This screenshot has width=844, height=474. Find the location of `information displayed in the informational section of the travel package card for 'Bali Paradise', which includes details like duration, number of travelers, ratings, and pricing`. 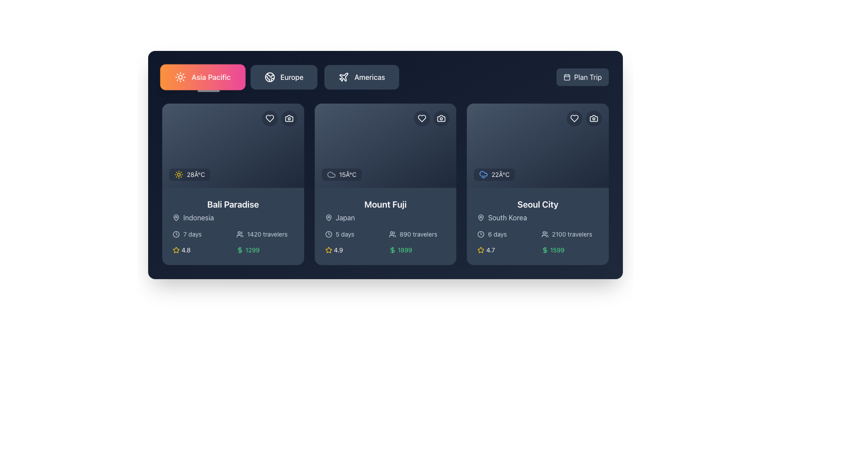

information displayed in the informational section of the travel package card for 'Bali Paradise', which includes details like duration, number of travelers, ratings, and pricing is located at coordinates (233, 242).